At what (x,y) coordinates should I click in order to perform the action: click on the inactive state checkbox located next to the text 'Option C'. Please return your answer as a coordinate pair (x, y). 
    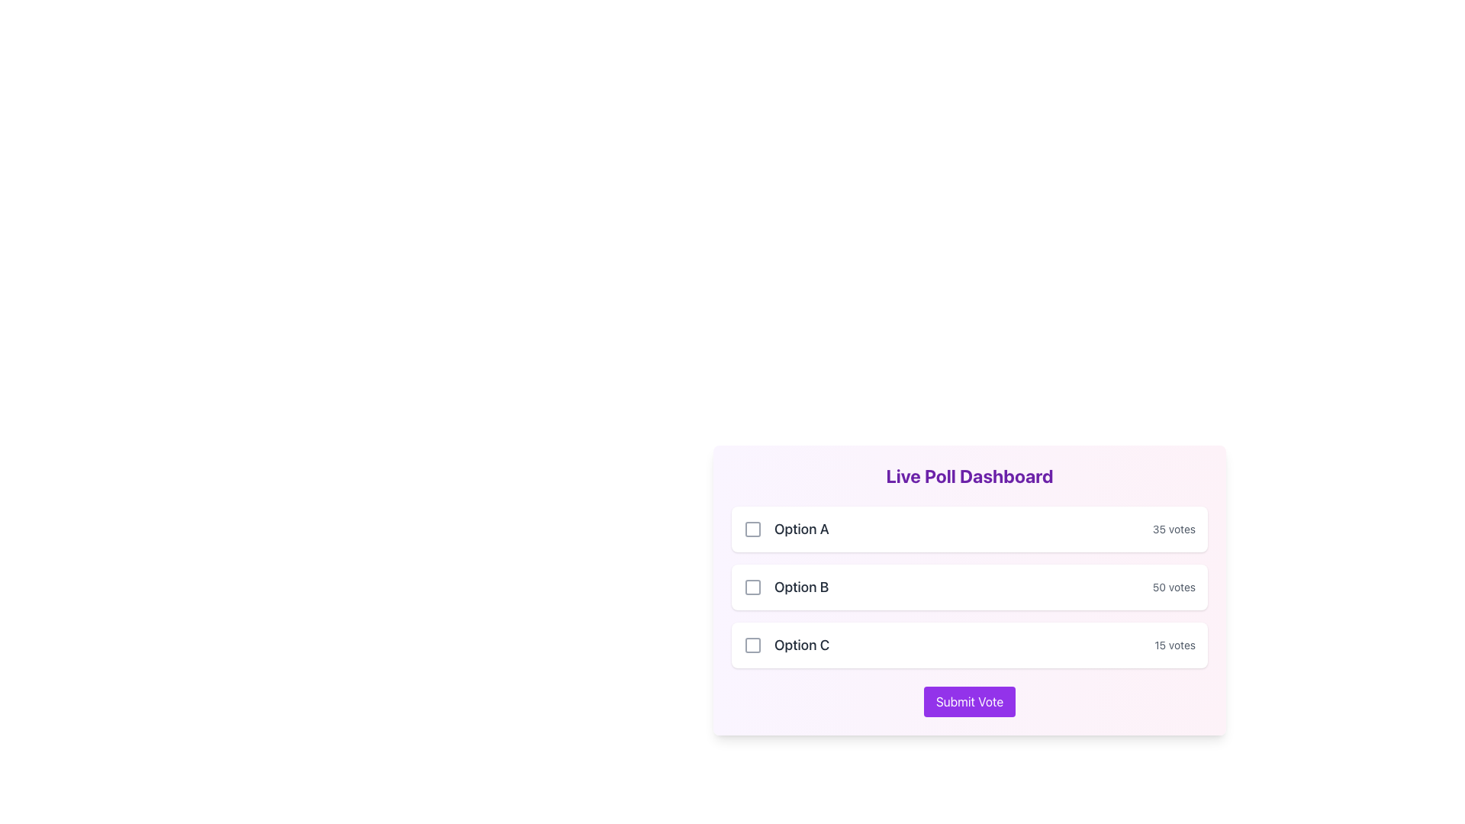
    Looking at the image, I should click on (753, 645).